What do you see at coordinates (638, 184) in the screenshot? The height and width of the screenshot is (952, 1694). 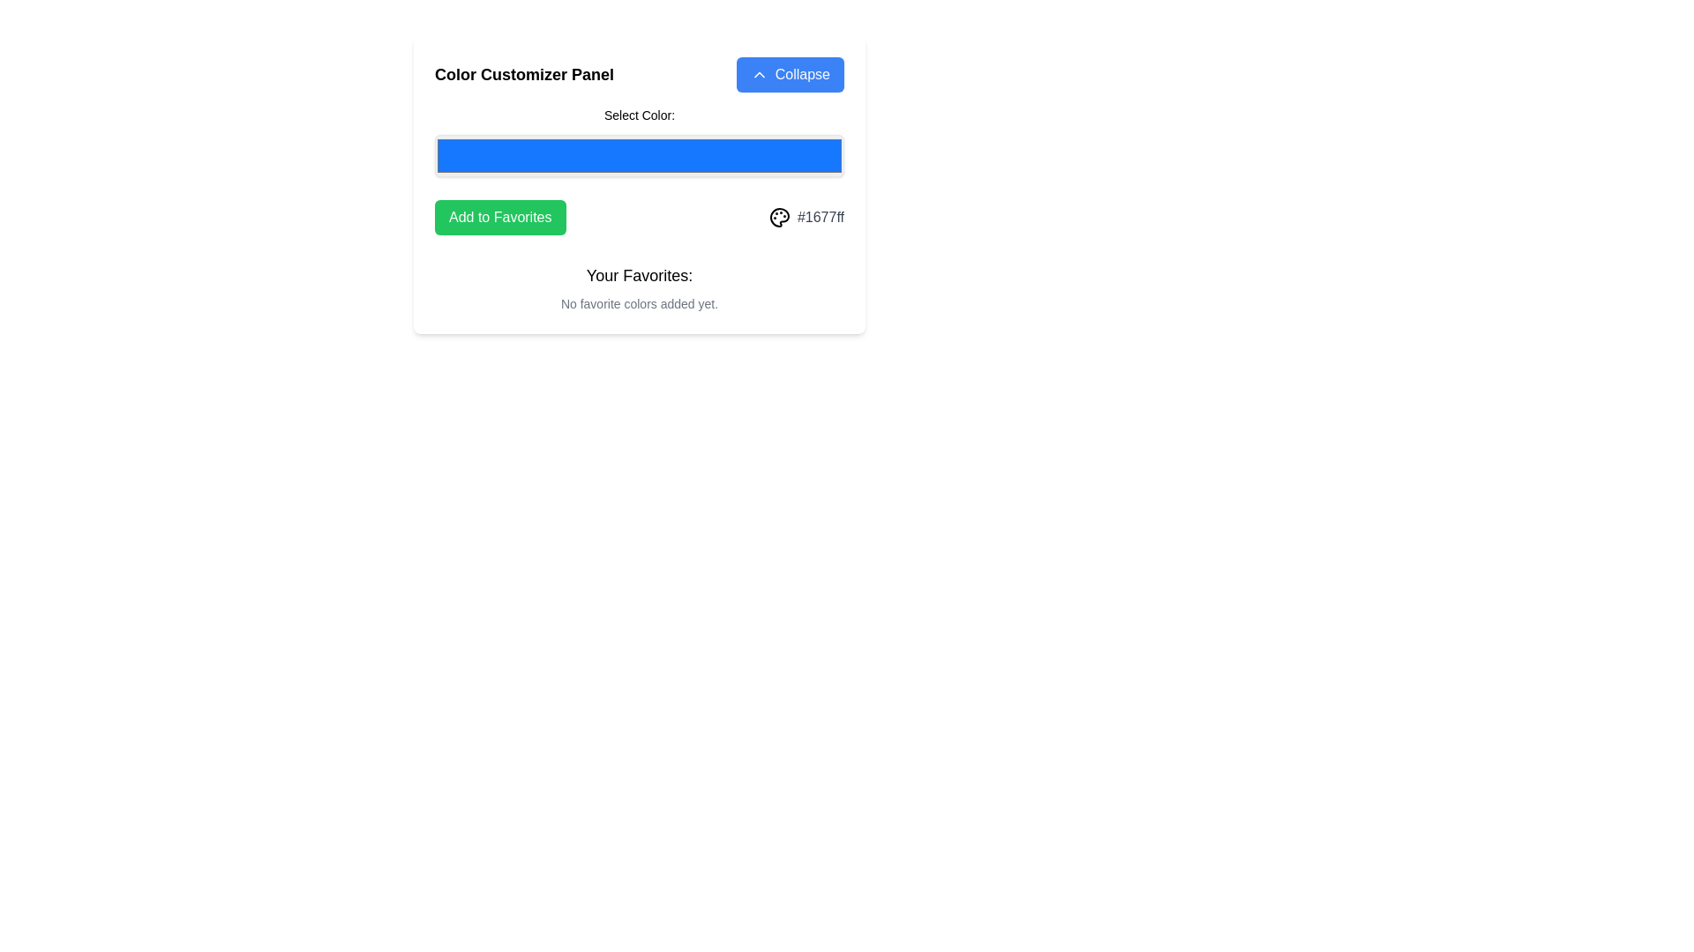 I see `the color input within the central UI Panel for customizing colors` at bounding box center [638, 184].